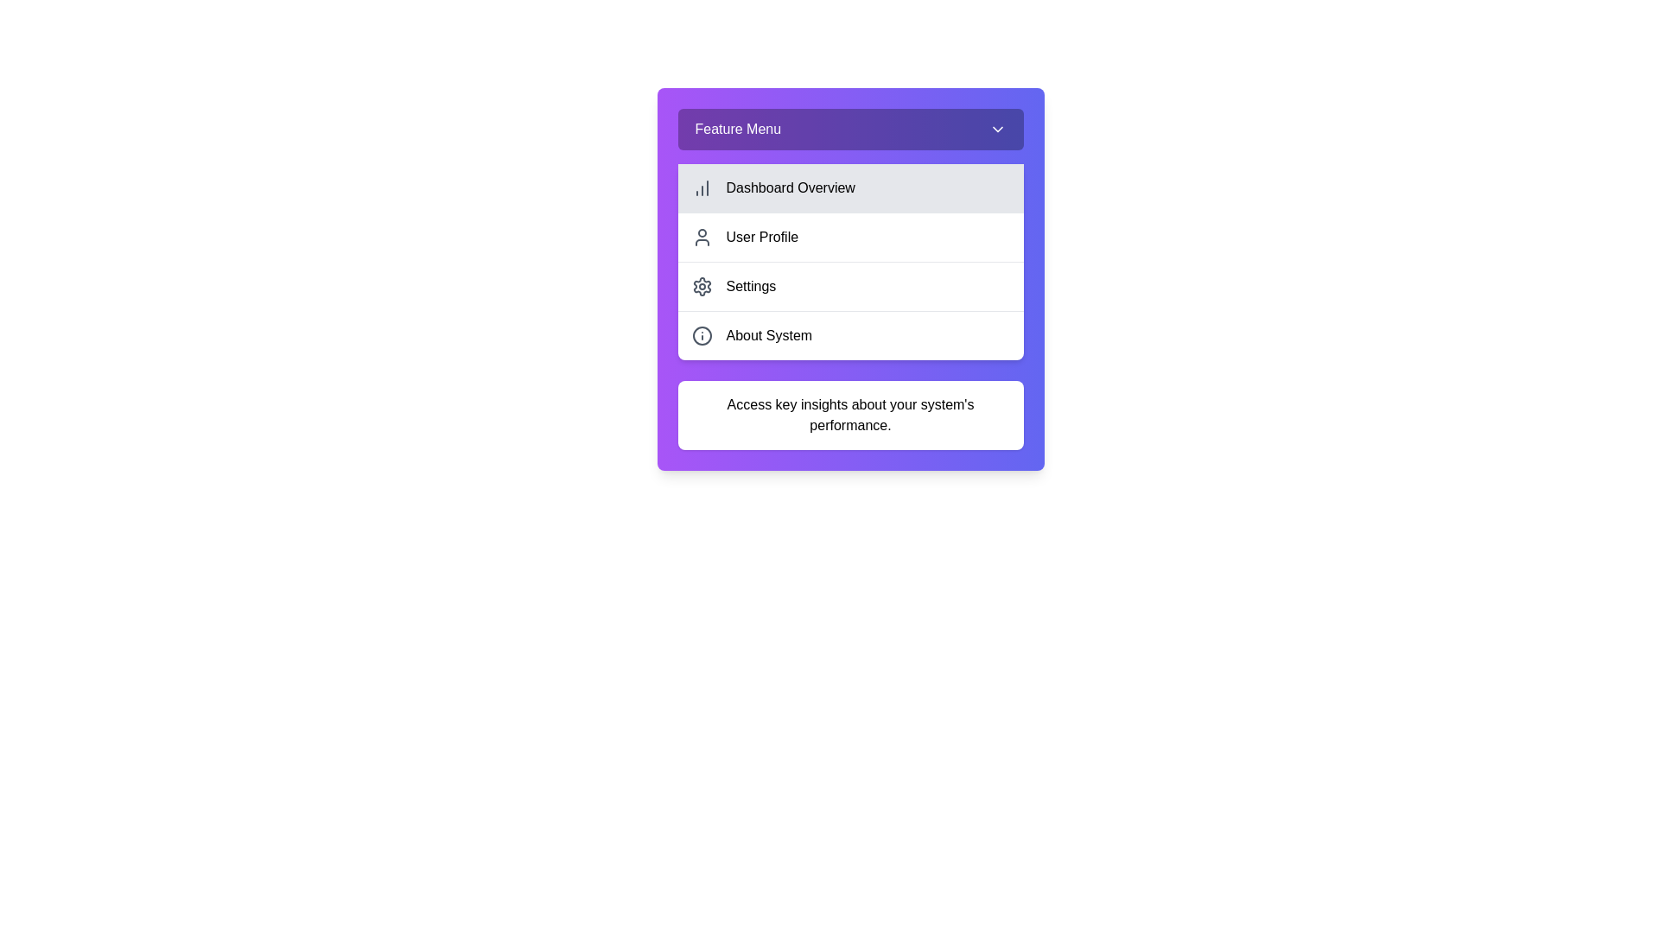 The width and height of the screenshot is (1659, 933). Describe the element at coordinates (850, 278) in the screenshot. I see `the third row menu item located between 'User Profile' and 'About System'` at that location.